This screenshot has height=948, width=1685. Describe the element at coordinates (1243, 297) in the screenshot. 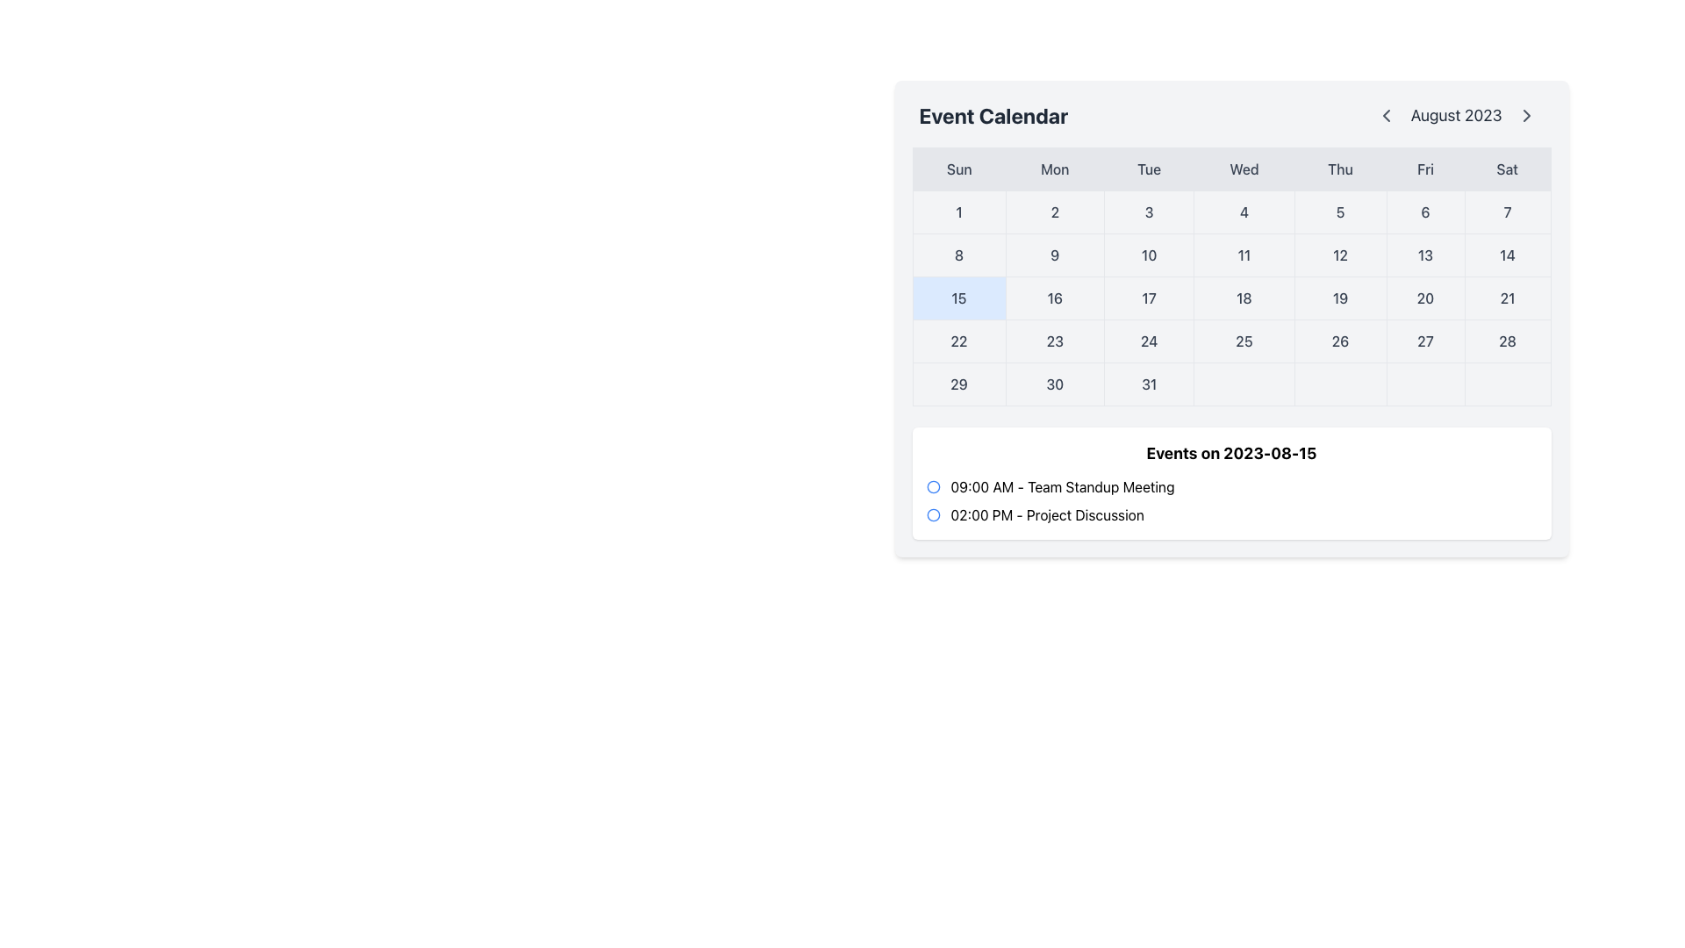

I see `the calendar date cell displaying the number '18', which is the fourth cell in the third row of the week-based calendar grid under the 'Event Calendar' section` at that location.